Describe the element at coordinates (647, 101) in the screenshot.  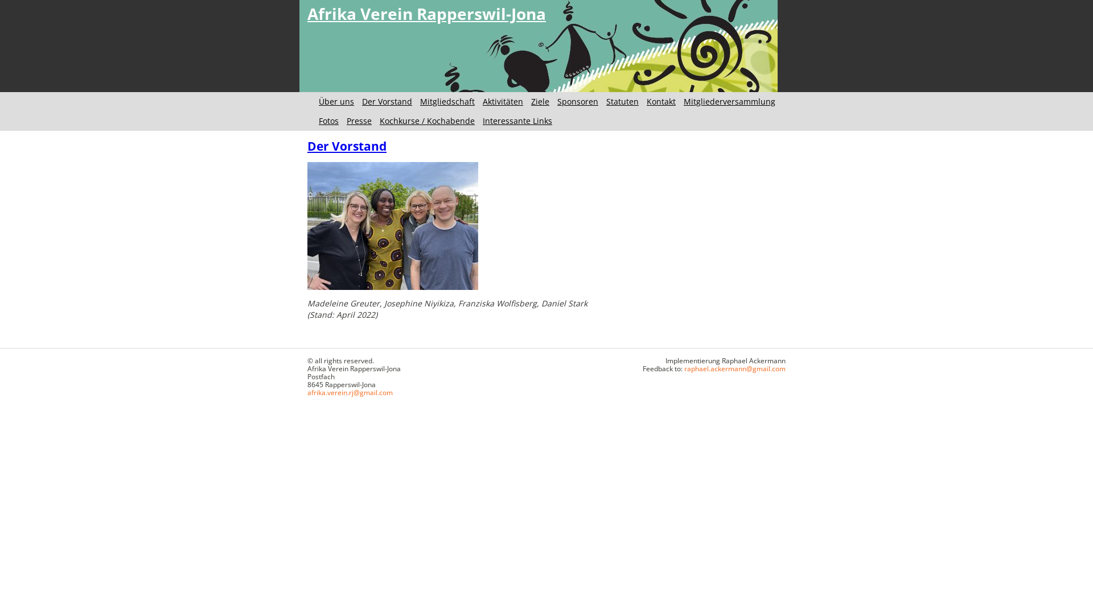
I see `'Kontakt'` at that location.